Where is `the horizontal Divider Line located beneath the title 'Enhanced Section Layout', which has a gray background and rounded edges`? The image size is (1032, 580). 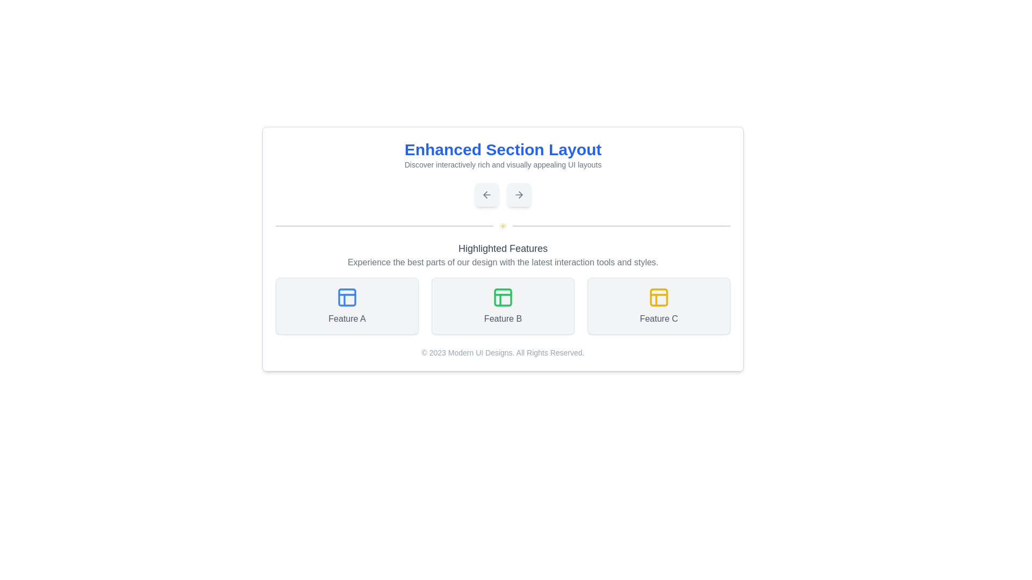
the horizontal Divider Line located beneath the title 'Enhanced Section Layout', which has a gray background and rounded edges is located at coordinates (384, 225).